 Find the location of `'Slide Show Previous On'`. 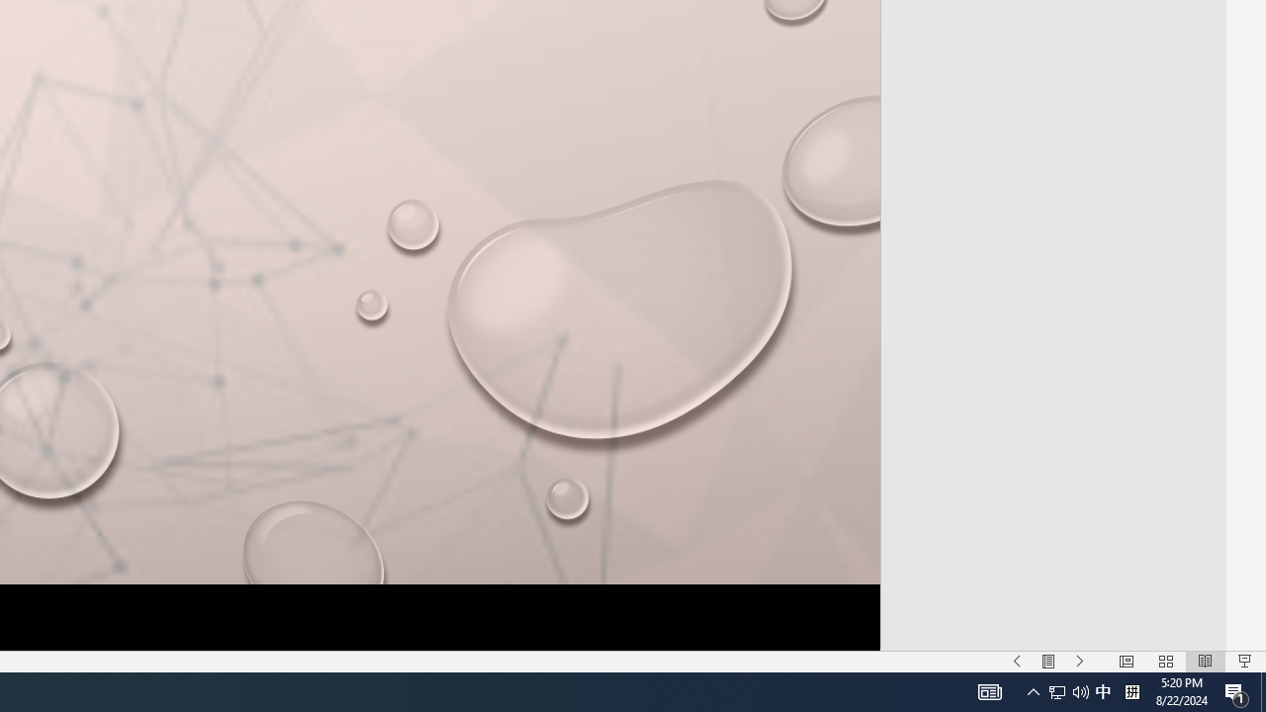

'Slide Show Previous On' is located at coordinates (1017, 662).